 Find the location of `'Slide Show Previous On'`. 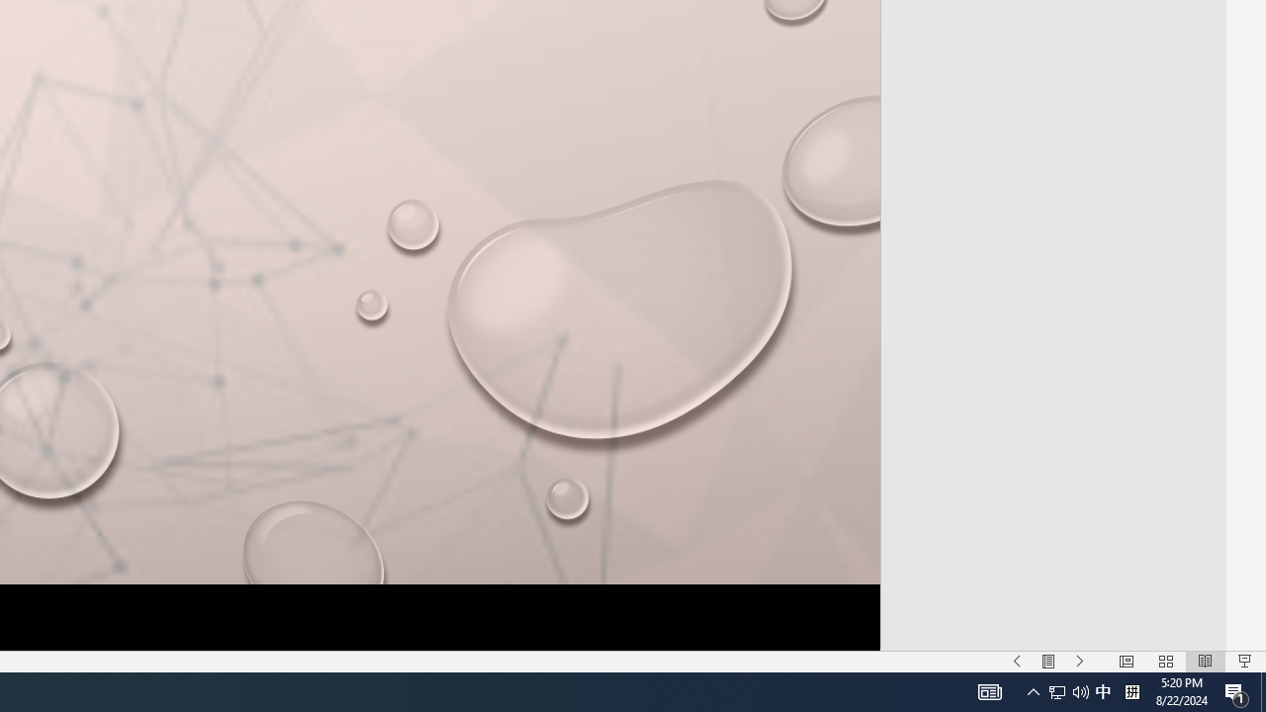

'Slide Show Previous On' is located at coordinates (1017, 662).